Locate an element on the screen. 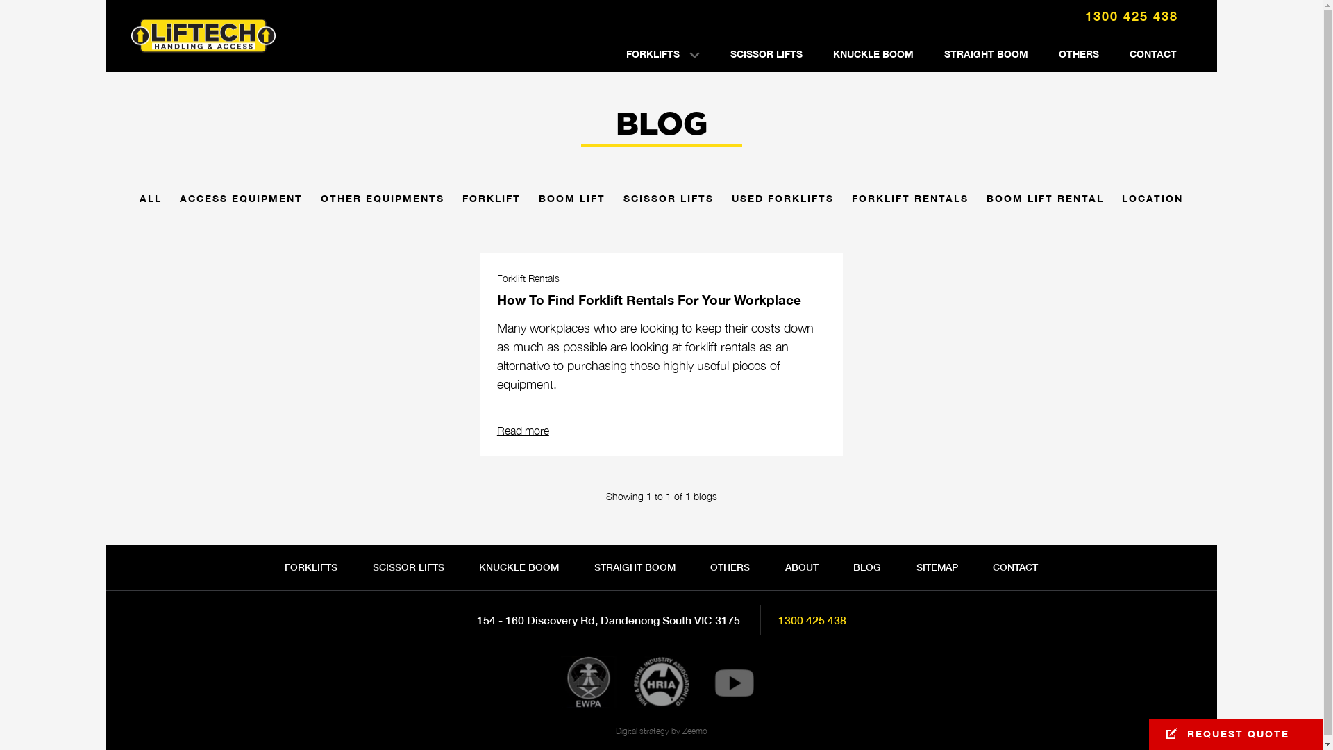  'How To Find Forklift Rentals For Your Workplace' is located at coordinates (648, 299).